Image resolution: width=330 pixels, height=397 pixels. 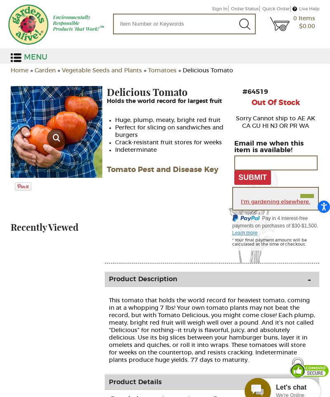 What do you see at coordinates (115, 131) in the screenshot?
I see `'Perfect for slicing on sandwiches and burgers'` at bounding box center [115, 131].